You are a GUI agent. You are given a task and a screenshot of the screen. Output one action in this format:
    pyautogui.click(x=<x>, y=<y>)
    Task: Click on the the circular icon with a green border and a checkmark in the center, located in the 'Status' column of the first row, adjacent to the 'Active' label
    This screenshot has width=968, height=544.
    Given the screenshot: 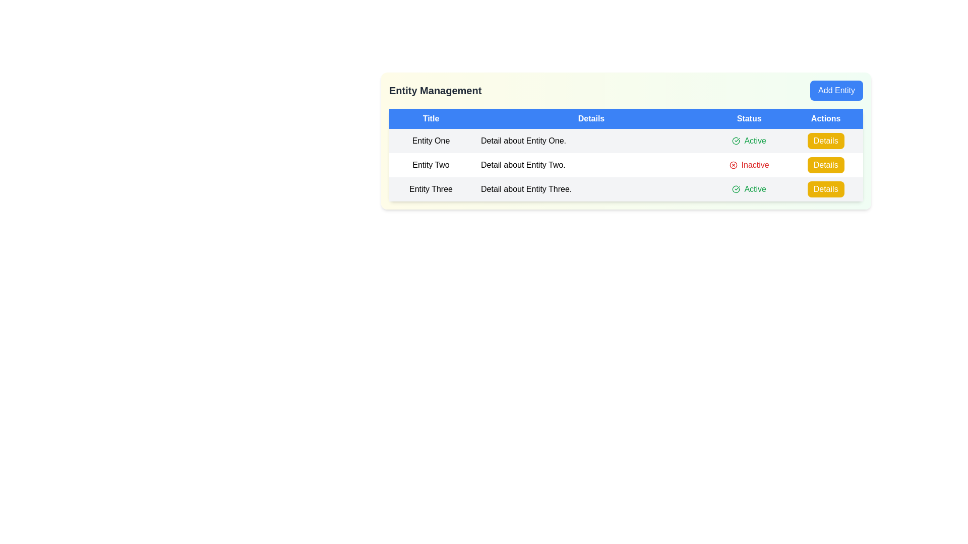 What is the action you would take?
    pyautogui.click(x=736, y=141)
    